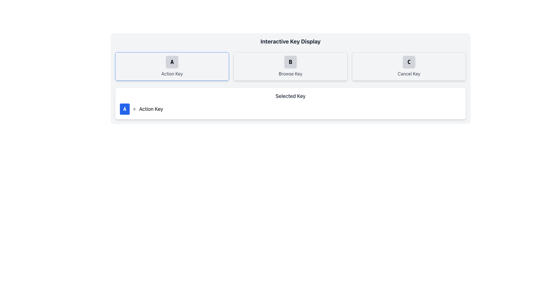 The image size is (539, 303). What do you see at coordinates (134, 109) in the screenshot?
I see `the add icon represented by a 'plus' symbol, located immediately to the right of the blue badge with a bold 'A', before the text 'Action Key'` at bounding box center [134, 109].